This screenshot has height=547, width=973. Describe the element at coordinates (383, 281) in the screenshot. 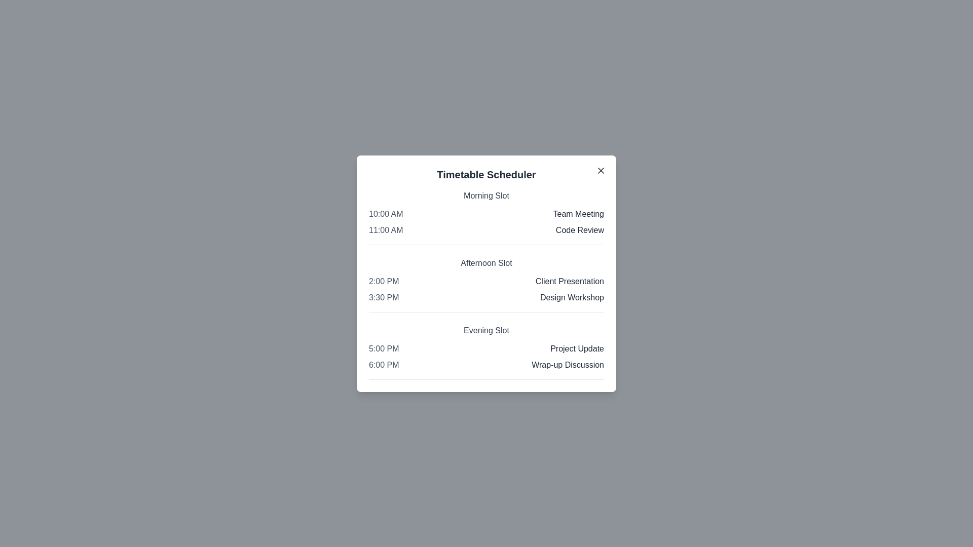

I see `the event time 2:00 PM to select it` at that location.